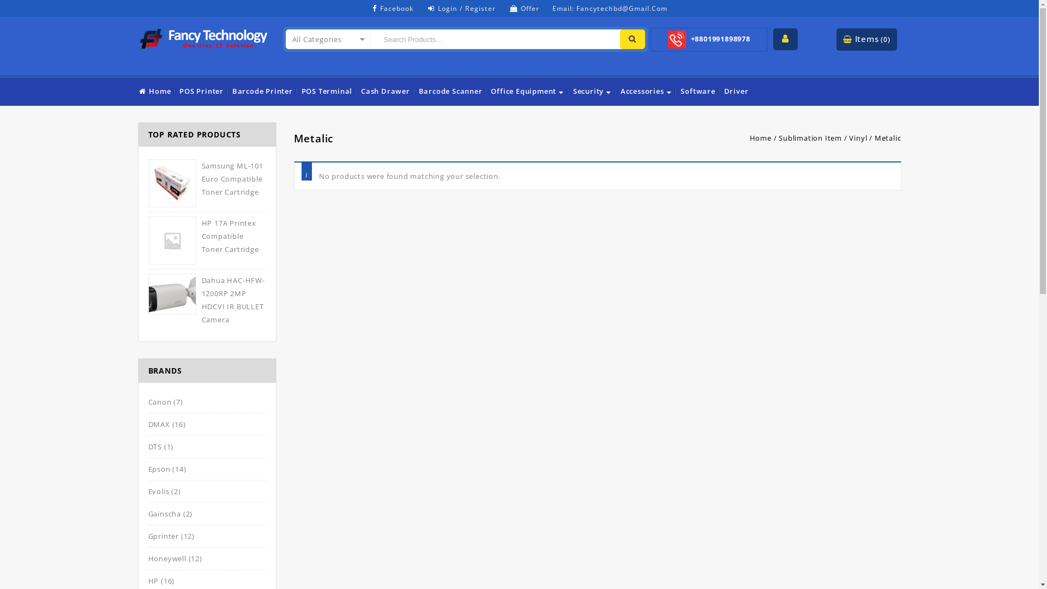 This screenshot has height=589, width=1047. Describe the element at coordinates (450, 90) in the screenshot. I see `'Barcode Scanner'` at that location.